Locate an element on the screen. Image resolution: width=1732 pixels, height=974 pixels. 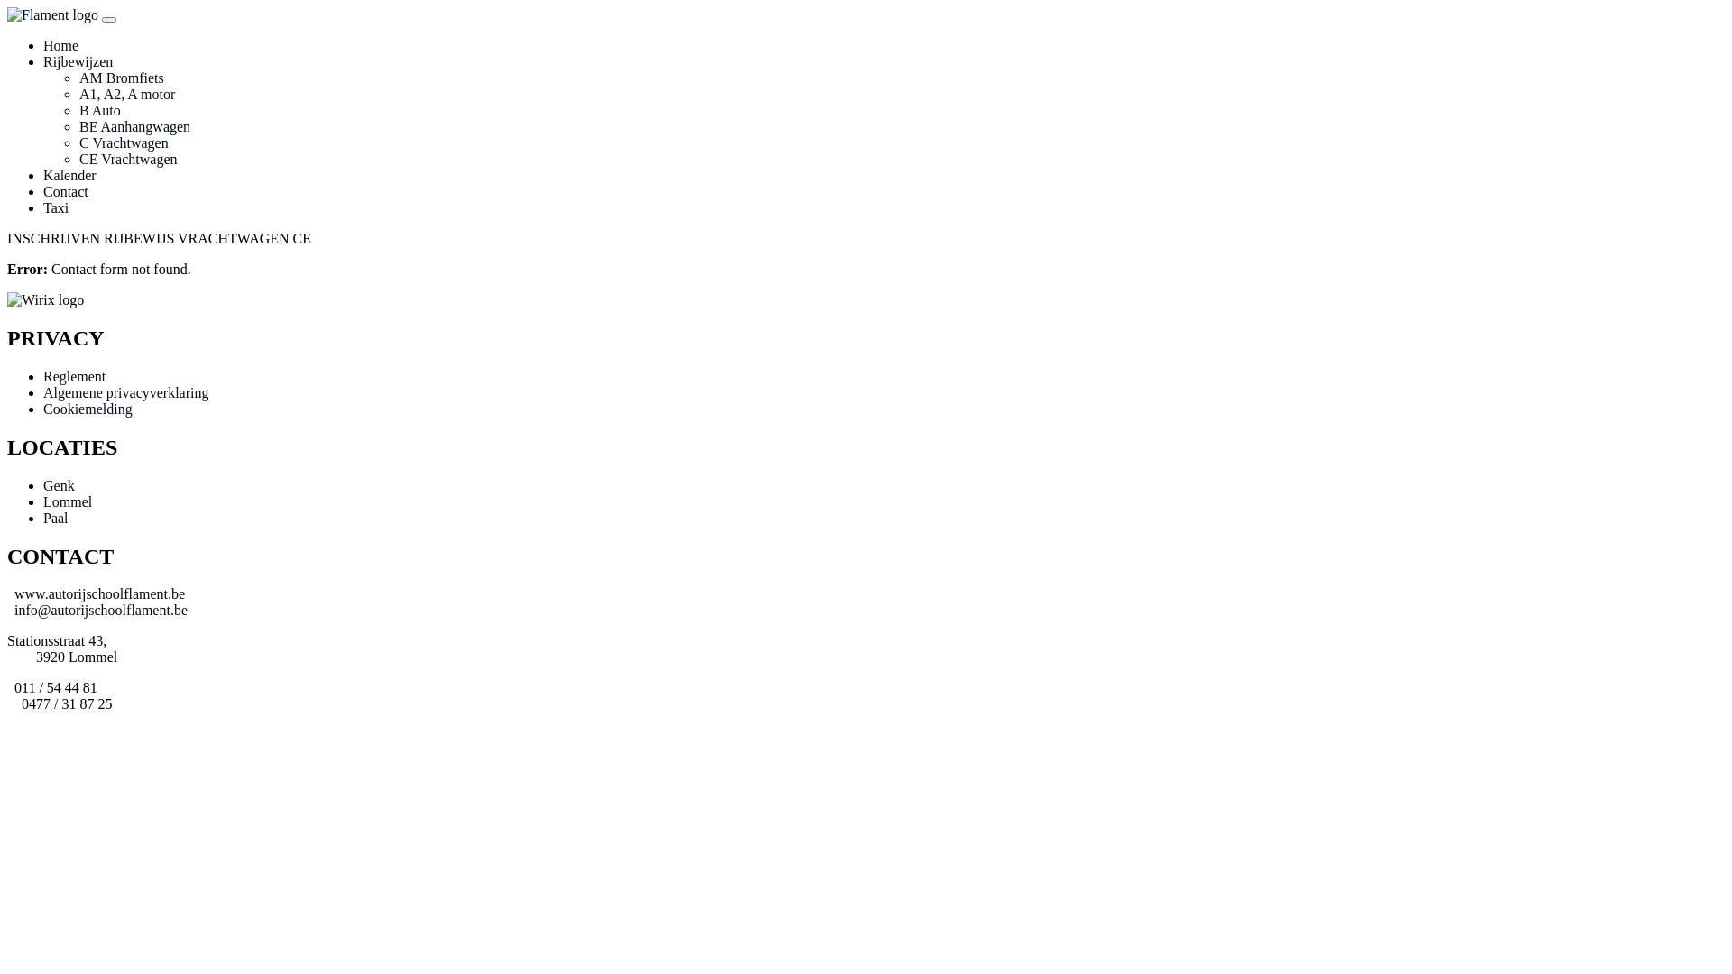
'B Auto' is located at coordinates (98, 110).